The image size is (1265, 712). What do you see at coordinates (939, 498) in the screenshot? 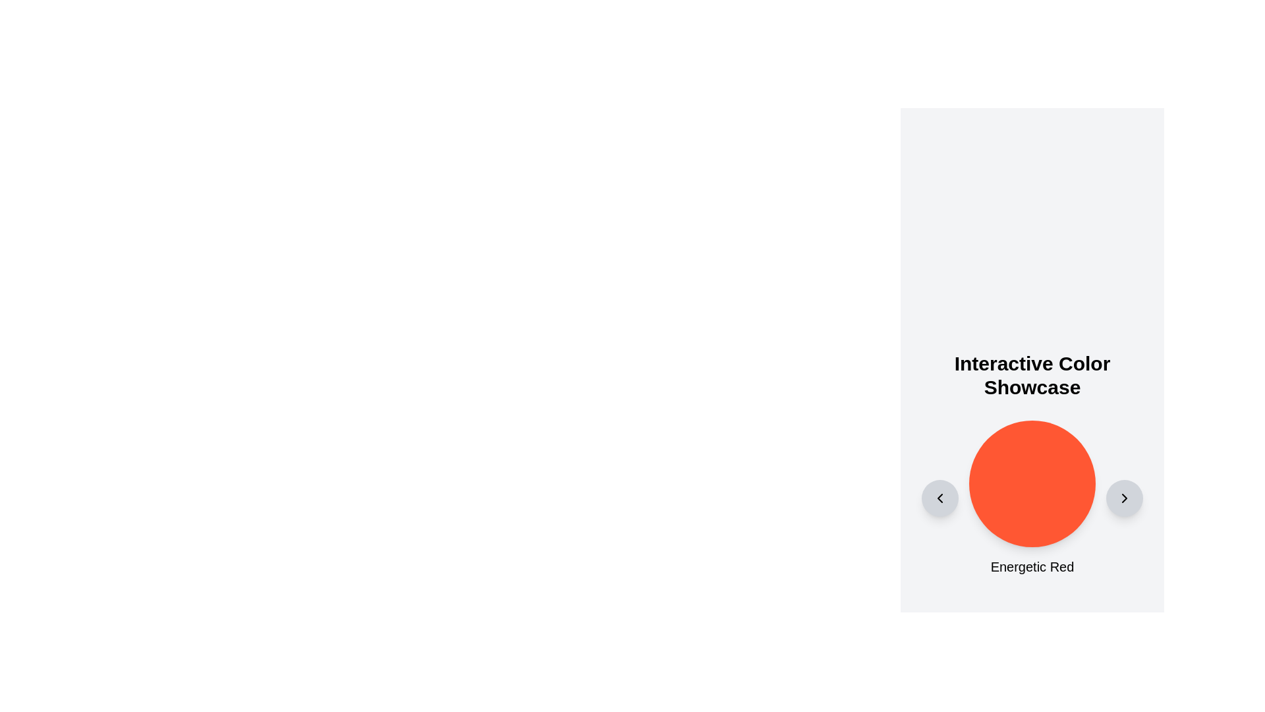
I see `the Chevron Icon within its circular button on the left side of the orange showcase` at bounding box center [939, 498].